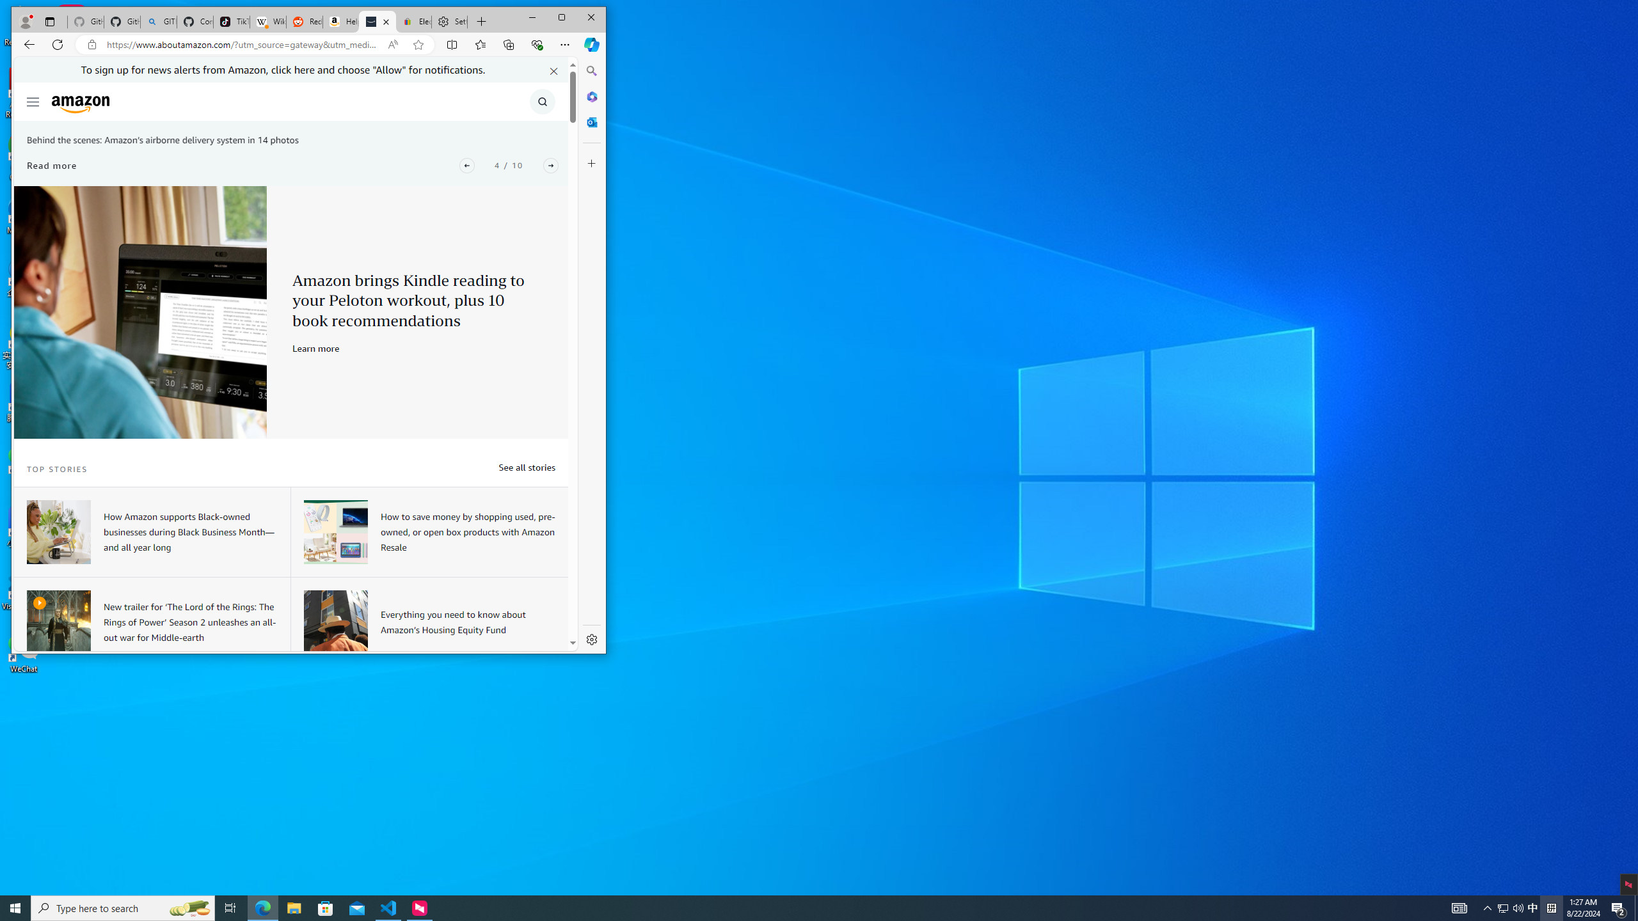 The image size is (1638, 921). I want to click on 'Settings and more (Alt+F)', so click(564, 43).